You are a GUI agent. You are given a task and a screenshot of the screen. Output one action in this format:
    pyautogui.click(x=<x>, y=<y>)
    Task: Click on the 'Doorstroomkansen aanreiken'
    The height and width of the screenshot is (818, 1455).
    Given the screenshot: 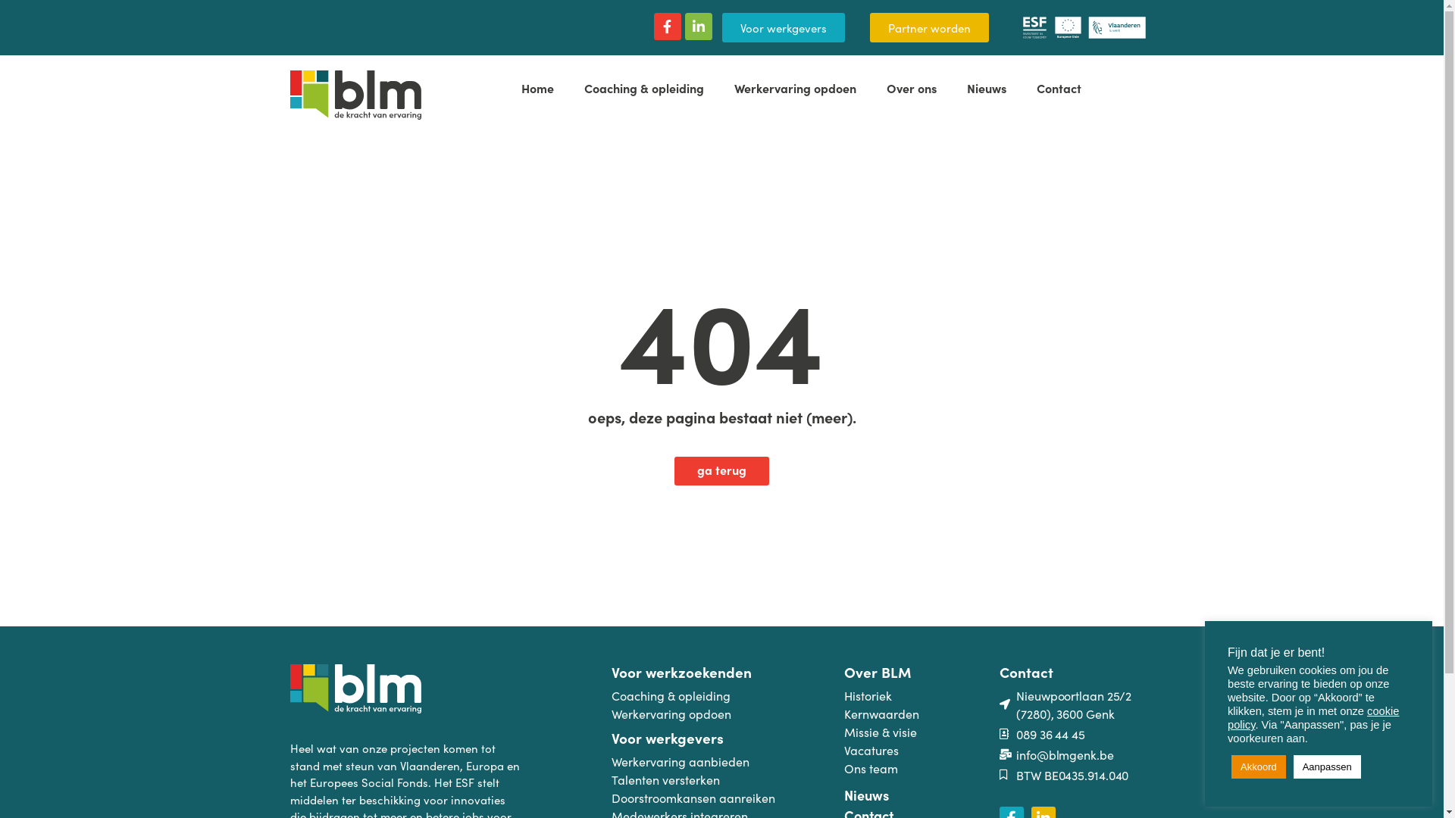 What is the action you would take?
    pyautogui.click(x=727, y=797)
    